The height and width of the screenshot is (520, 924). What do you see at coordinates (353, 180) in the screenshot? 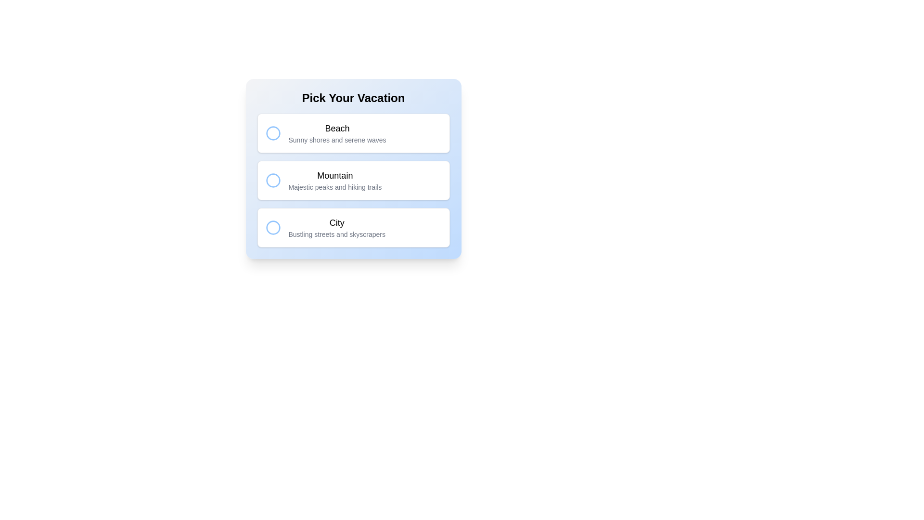
I see `descriptive text of the second option in the 'Pick Your Vacation' section, which is labeled 'Mountain' with a description of 'Majestic peaks and hiking trails'` at bounding box center [353, 180].